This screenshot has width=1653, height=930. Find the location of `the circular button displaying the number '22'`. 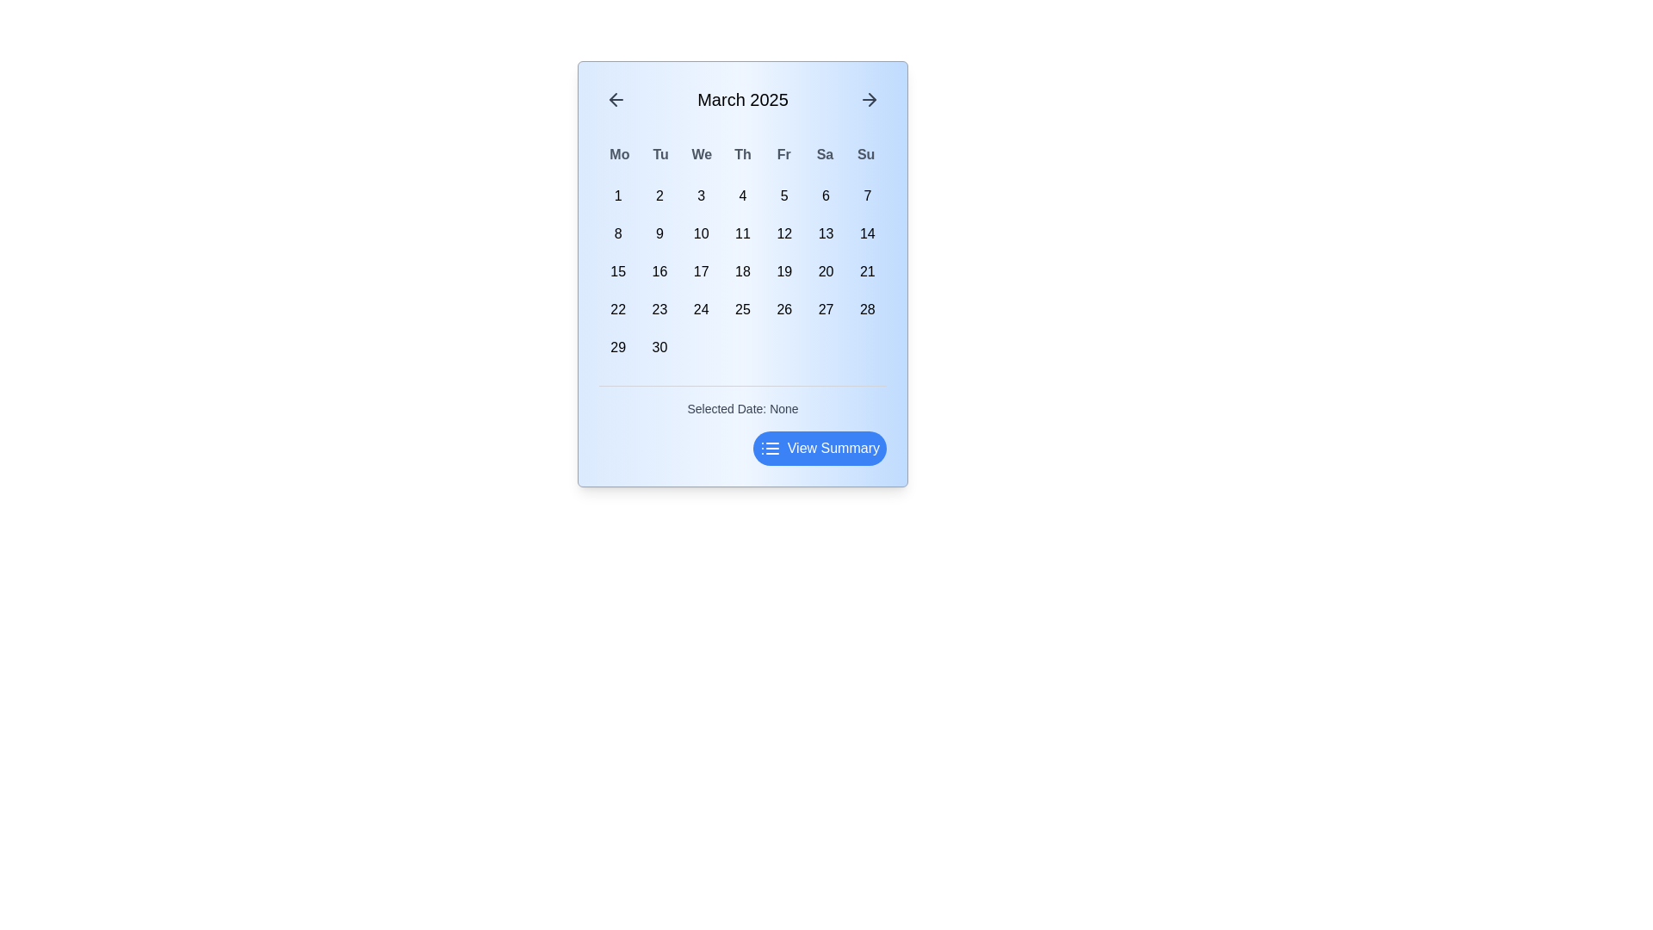

the circular button displaying the number '22' is located at coordinates (618, 308).